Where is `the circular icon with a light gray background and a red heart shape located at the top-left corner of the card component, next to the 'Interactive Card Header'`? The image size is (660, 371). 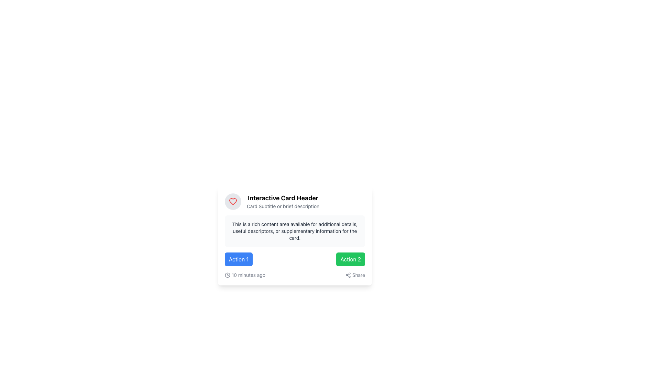
the circular icon with a light gray background and a red heart shape located at the top-left corner of the card component, next to the 'Interactive Card Header' is located at coordinates (233, 201).